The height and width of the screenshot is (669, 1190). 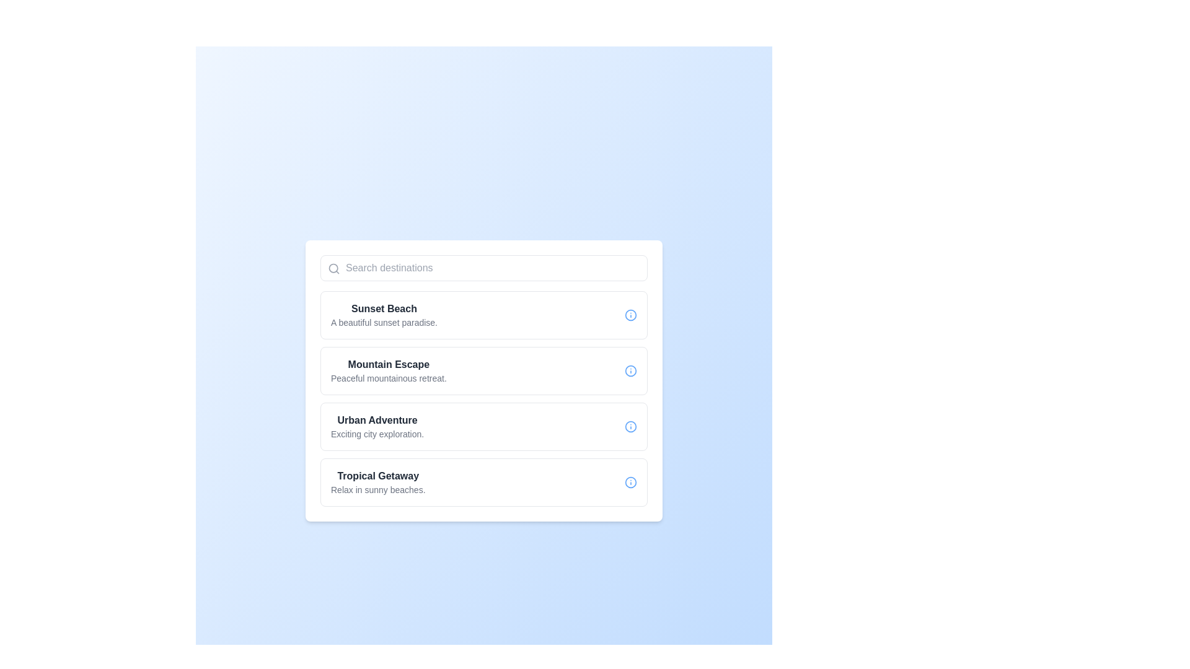 I want to click on the text label displaying 'Relax in sunny beaches.' located below the title 'Tropical Getaway' in the fourth card of the destination options list, so click(x=377, y=489).